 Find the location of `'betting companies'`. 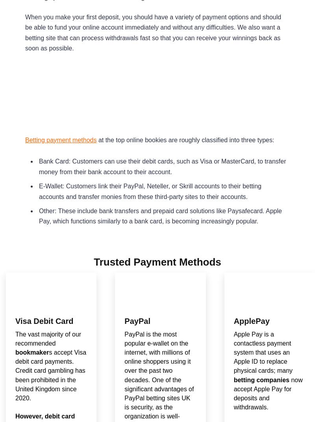

'betting companies' is located at coordinates (261, 379).